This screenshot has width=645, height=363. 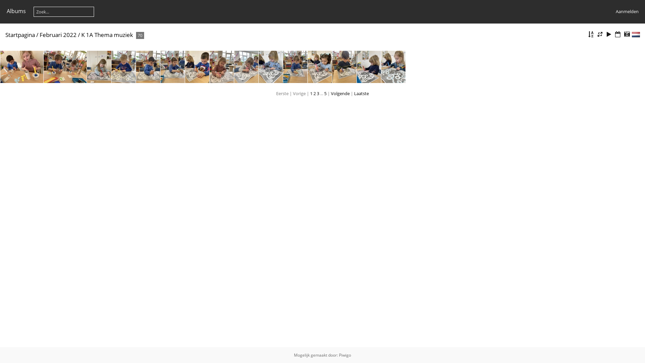 What do you see at coordinates (316, 93) in the screenshot?
I see `'3'` at bounding box center [316, 93].